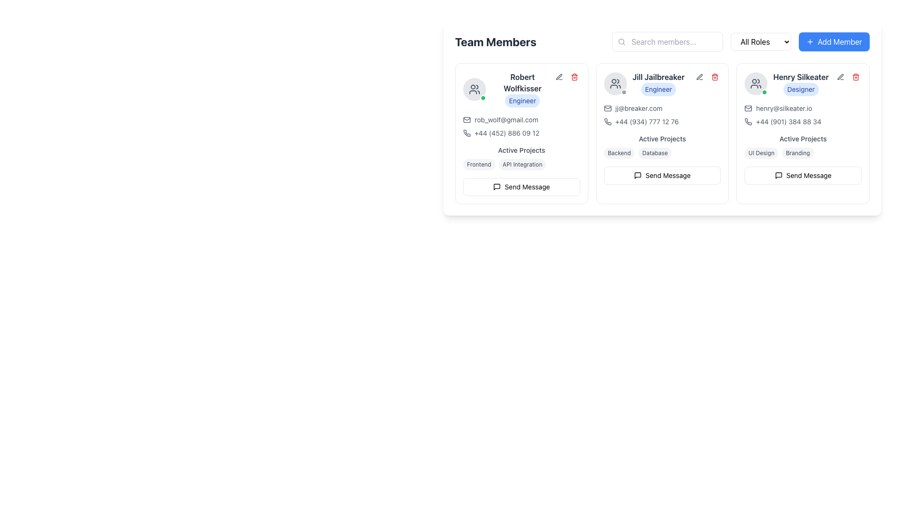  Describe the element at coordinates (615, 83) in the screenshot. I see `the avatar icon representing a group of people located to the left of the label 'Jill Jailbreaker'` at that location.